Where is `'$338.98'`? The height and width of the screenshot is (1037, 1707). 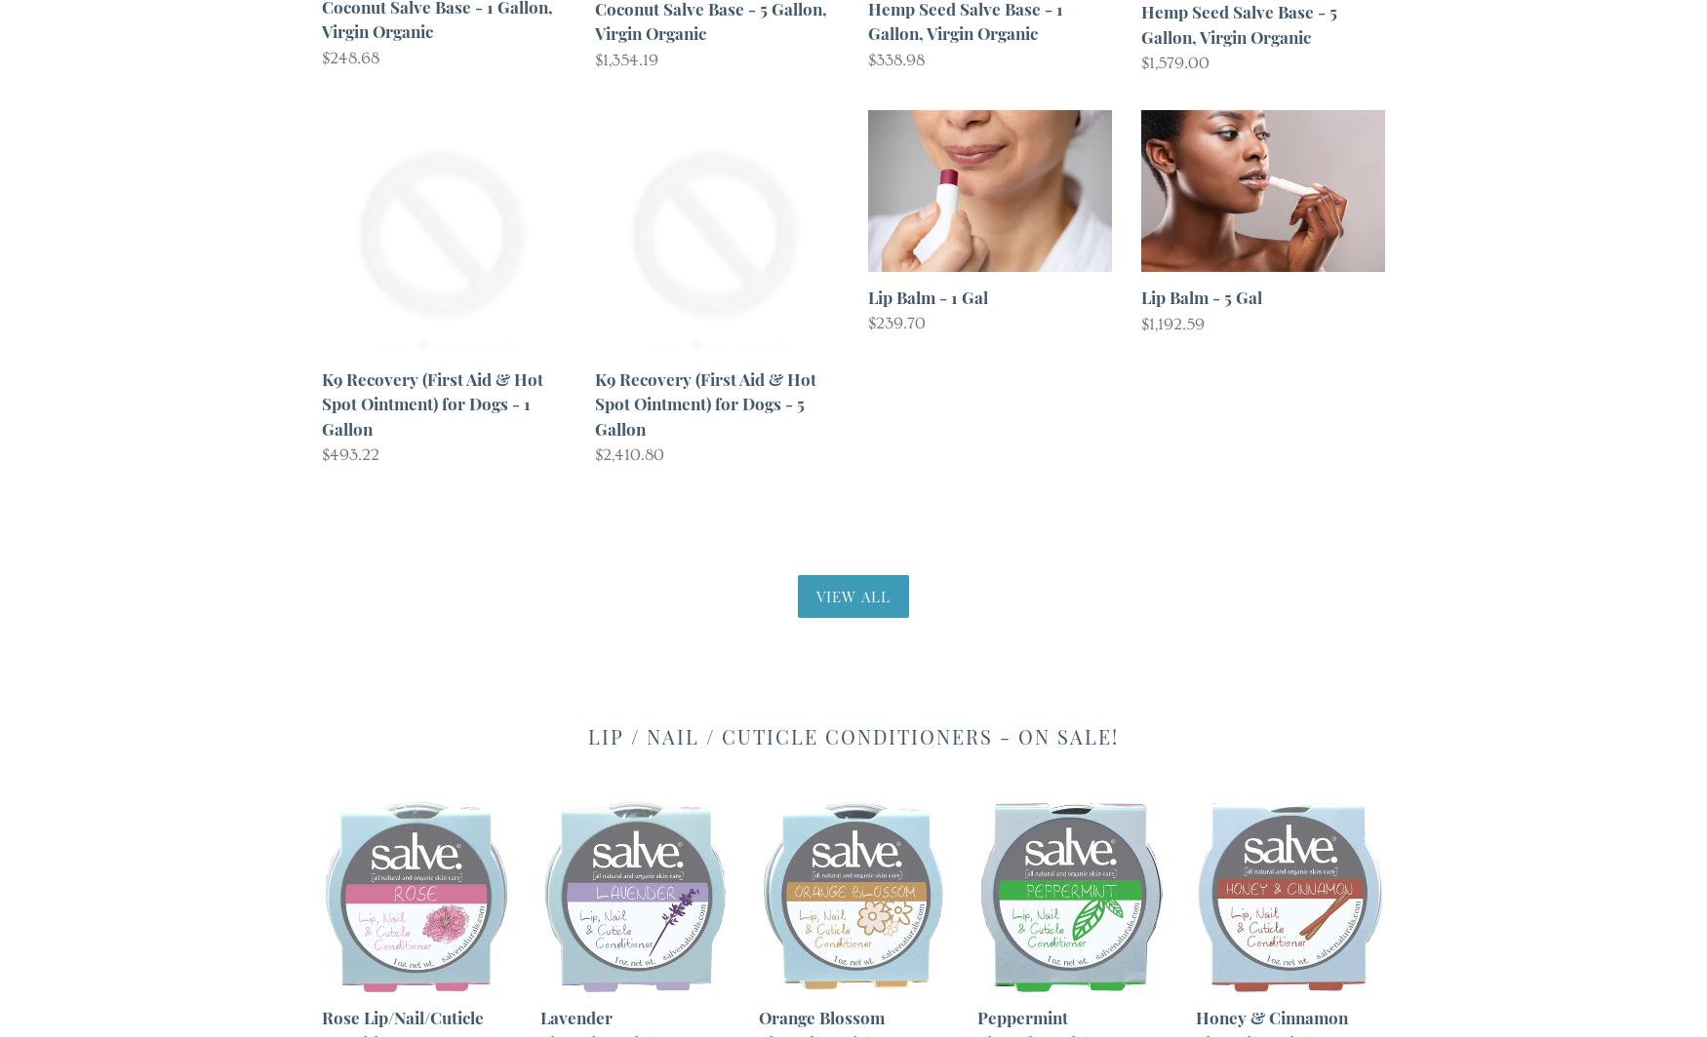 '$338.98' is located at coordinates (894, 58).